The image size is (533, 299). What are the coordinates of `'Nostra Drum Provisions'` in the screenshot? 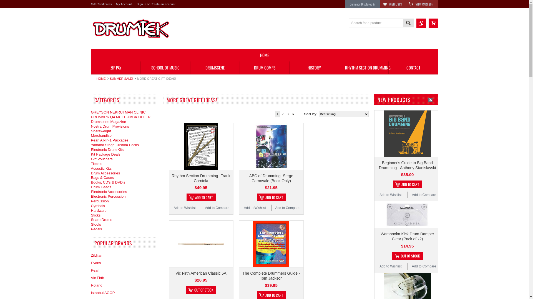 It's located at (91, 126).